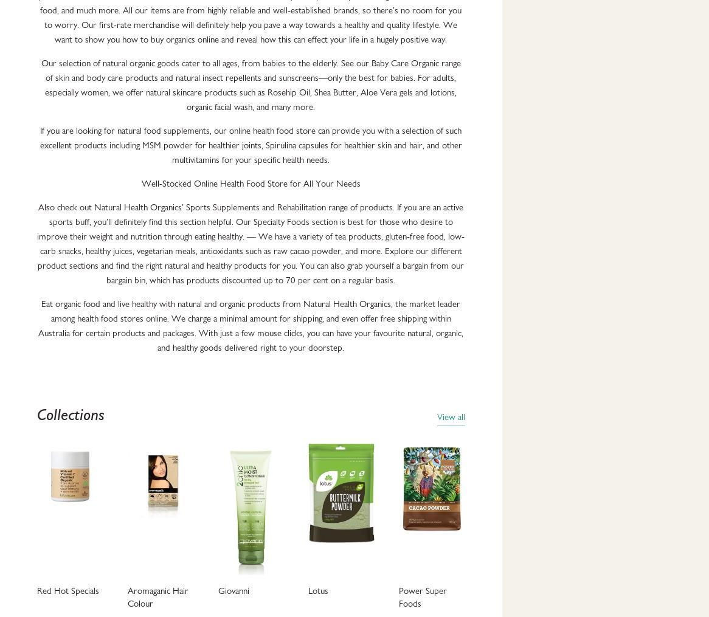  Describe the element at coordinates (250, 243) in the screenshot. I see `'Also check out Natural Health Organics’ Sports Supplements and Rehabilitation range of products. If you are an active sports buff, you’ll definitely find this section helpful. Our Specialty Foods section is best for those who desire to improve their weight and nutrition through eating healthy. — We have a variety of tea products, gluten-free food, low-carb snacks, healthy juices, vegetarian meals, antioxidants such as raw cacao powder, and more. Explore our different product sections and find the right natural and healthy products for you. You can also grab yourself a bargain from our bargain bin, which has products discounted up to 70 per cent on a regular basis.'` at that location.